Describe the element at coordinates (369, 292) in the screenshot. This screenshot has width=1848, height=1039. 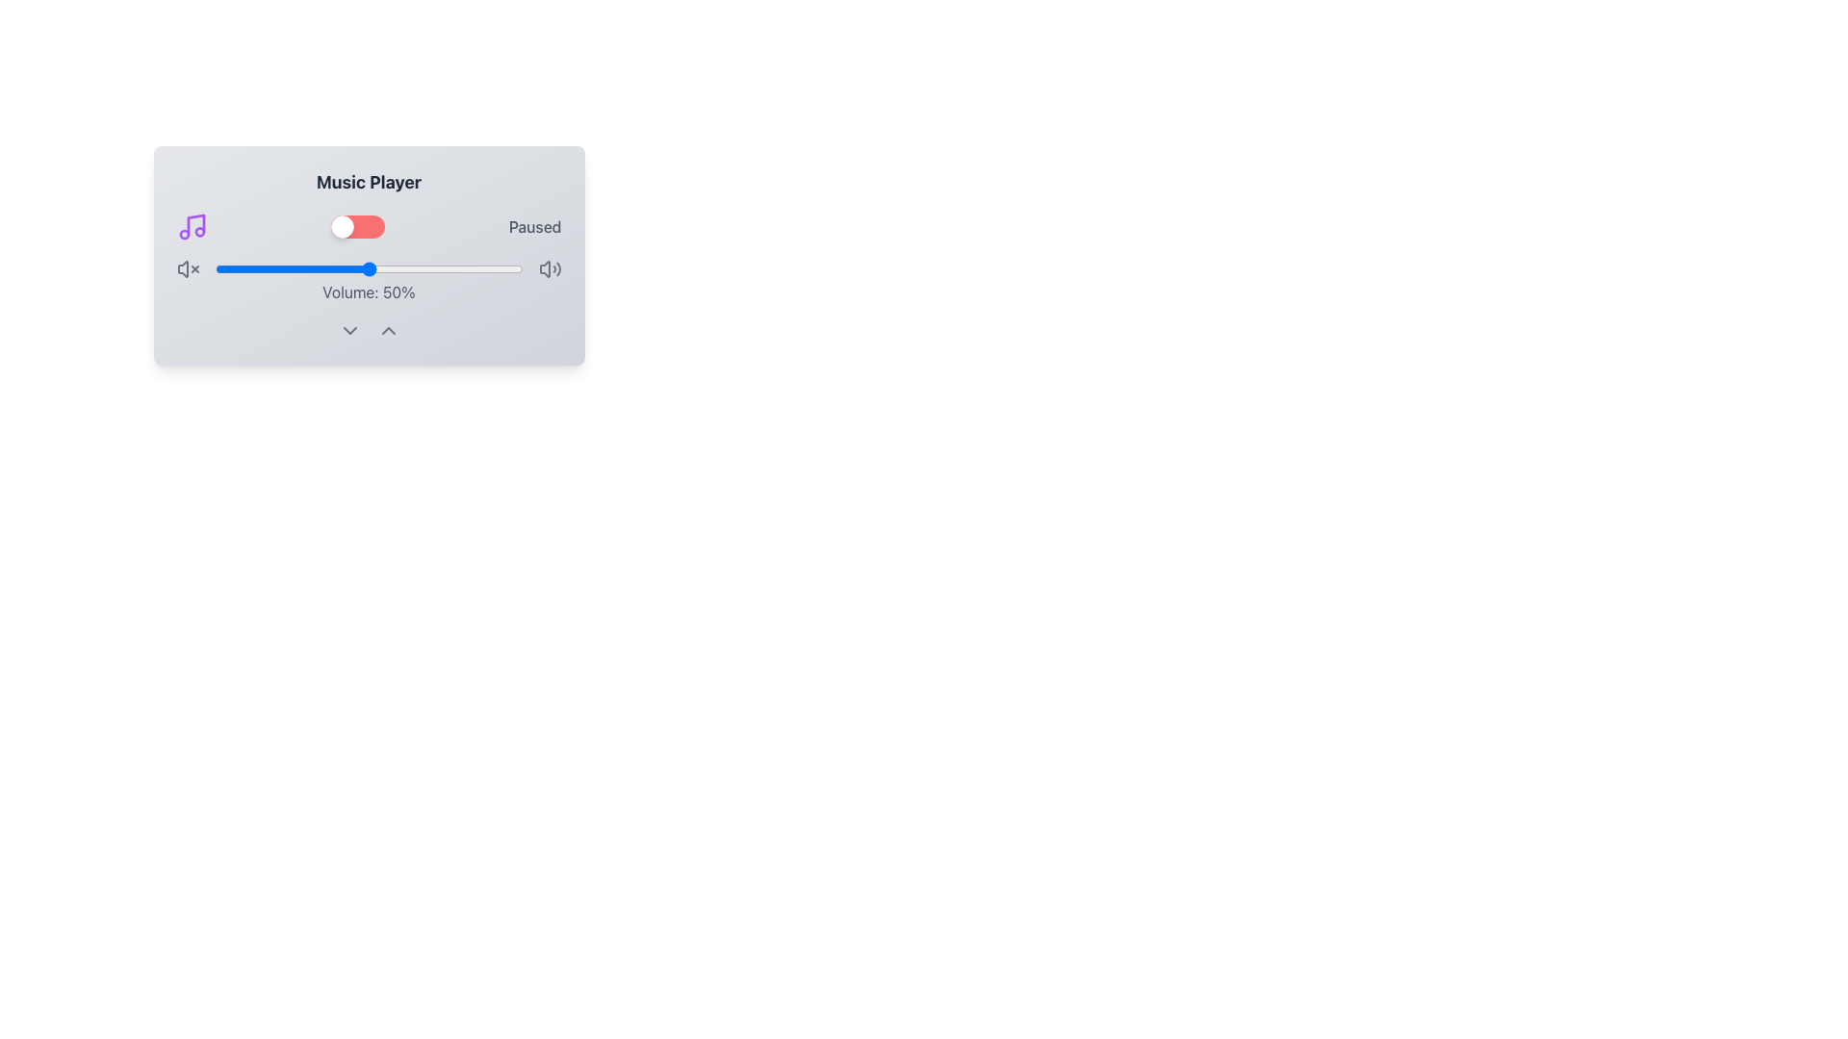
I see `the informational text label displaying the current volume level of 50%, located below the horizontal volume slider` at that location.